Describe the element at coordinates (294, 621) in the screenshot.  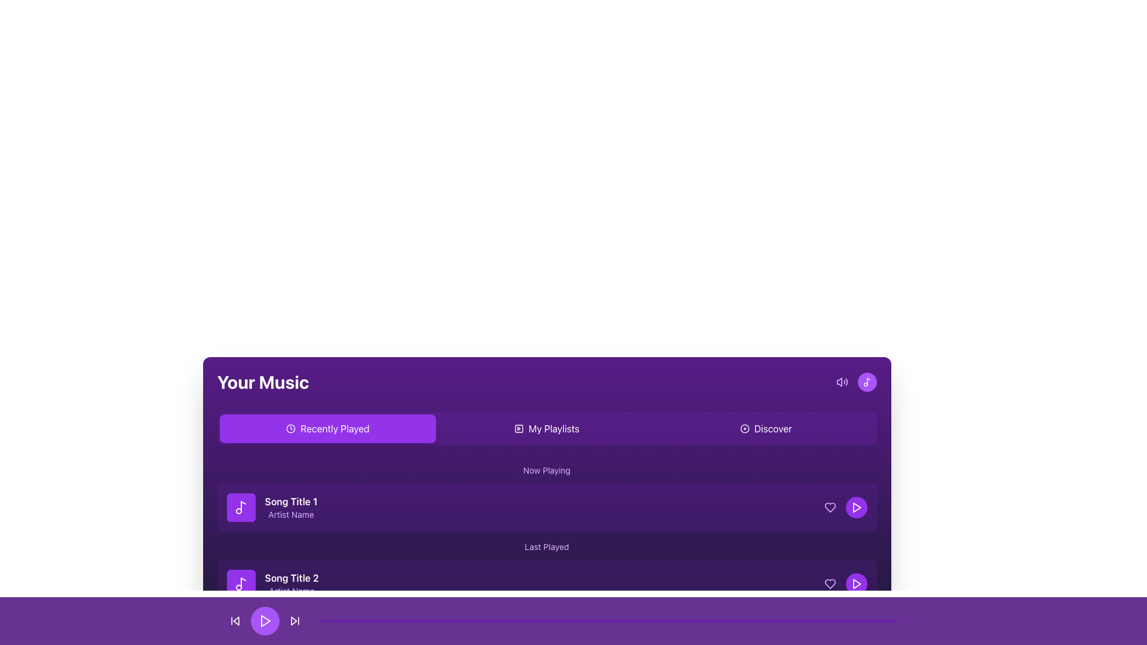
I see `the 'skip forward' icon located at the center of the control bar at the bottom of the interface to provide visual feedback` at that location.